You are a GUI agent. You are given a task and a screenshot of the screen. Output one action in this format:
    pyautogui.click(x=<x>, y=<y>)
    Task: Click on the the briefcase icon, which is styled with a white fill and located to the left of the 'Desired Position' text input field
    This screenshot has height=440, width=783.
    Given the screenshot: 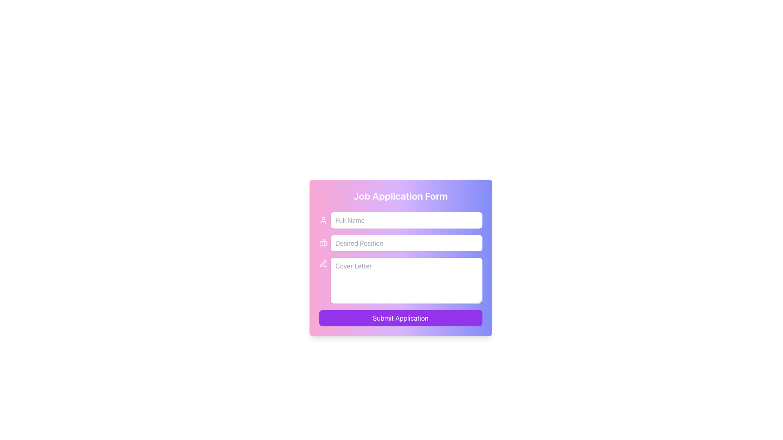 What is the action you would take?
    pyautogui.click(x=323, y=243)
    